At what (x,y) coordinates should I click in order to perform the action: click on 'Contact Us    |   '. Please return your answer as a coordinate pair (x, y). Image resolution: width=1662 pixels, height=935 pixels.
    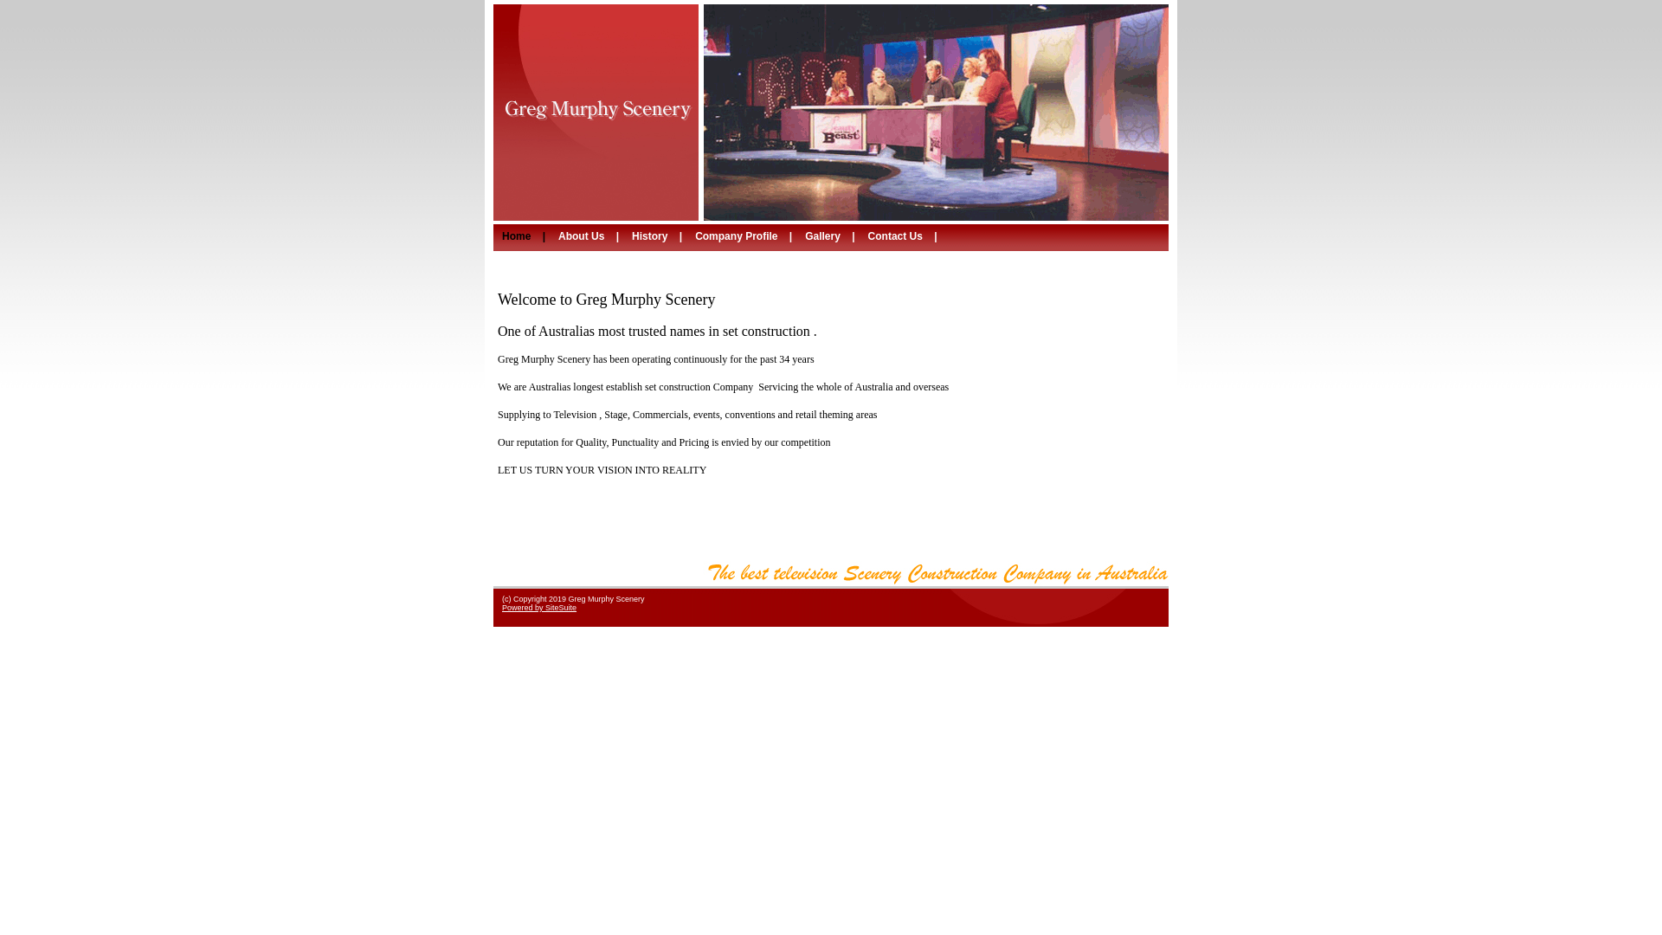
    Looking at the image, I should click on (864, 236).